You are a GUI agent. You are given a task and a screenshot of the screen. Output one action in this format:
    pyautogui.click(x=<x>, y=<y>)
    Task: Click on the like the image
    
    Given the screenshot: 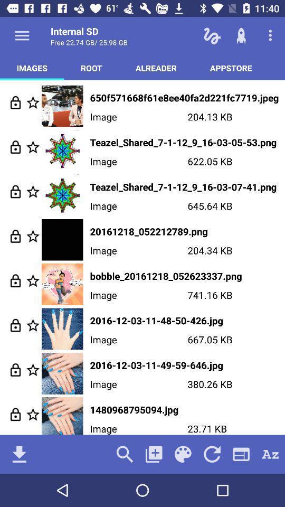 What is the action you would take?
    pyautogui.click(x=33, y=146)
    